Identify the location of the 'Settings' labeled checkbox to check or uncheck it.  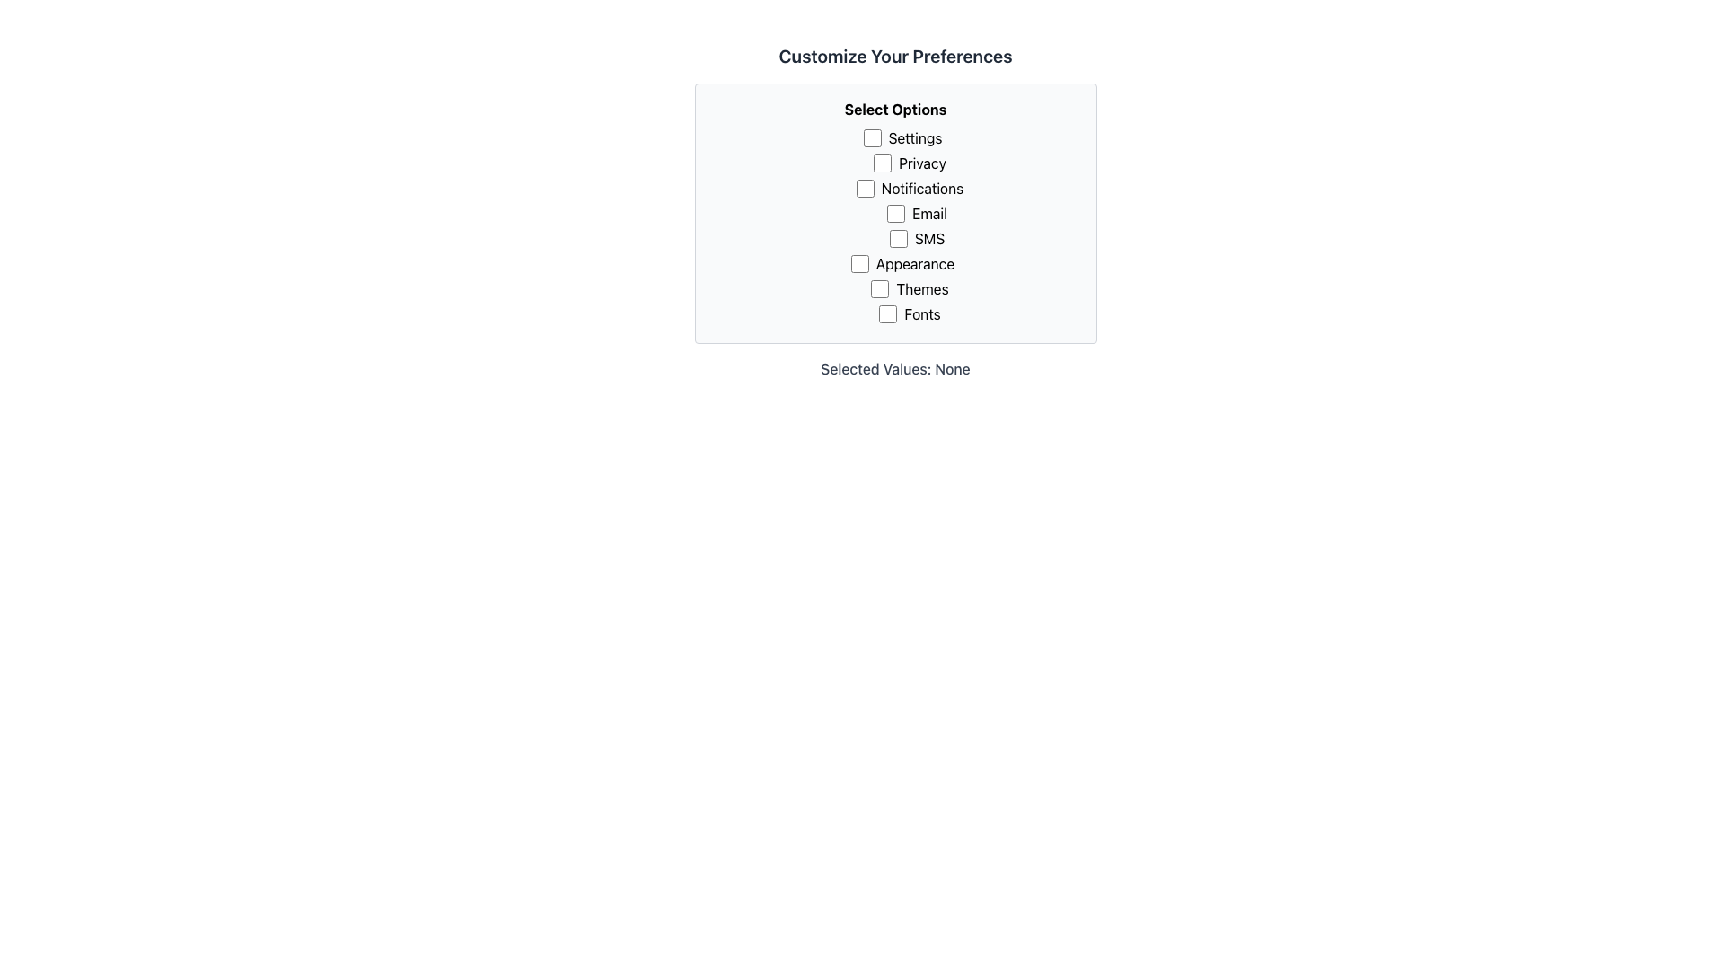
(902, 137).